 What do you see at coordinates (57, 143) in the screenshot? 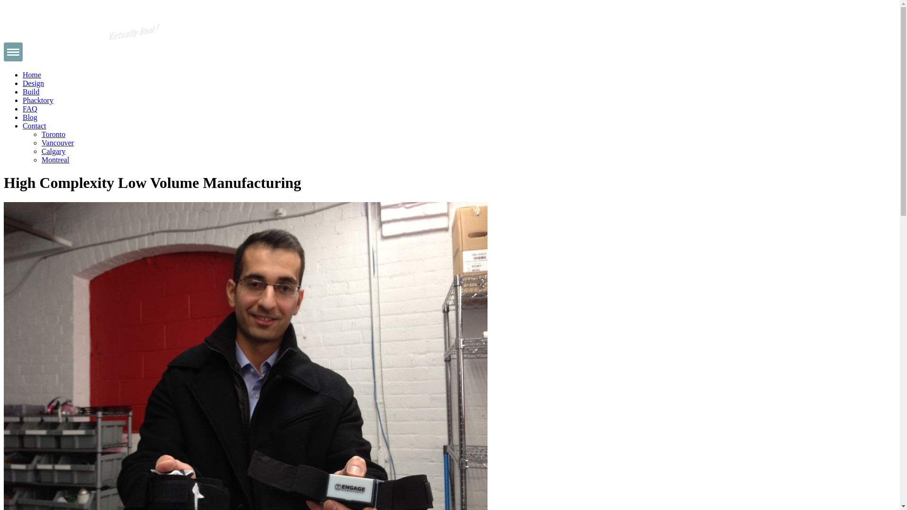
I see `'Vancouver'` at bounding box center [57, 143].